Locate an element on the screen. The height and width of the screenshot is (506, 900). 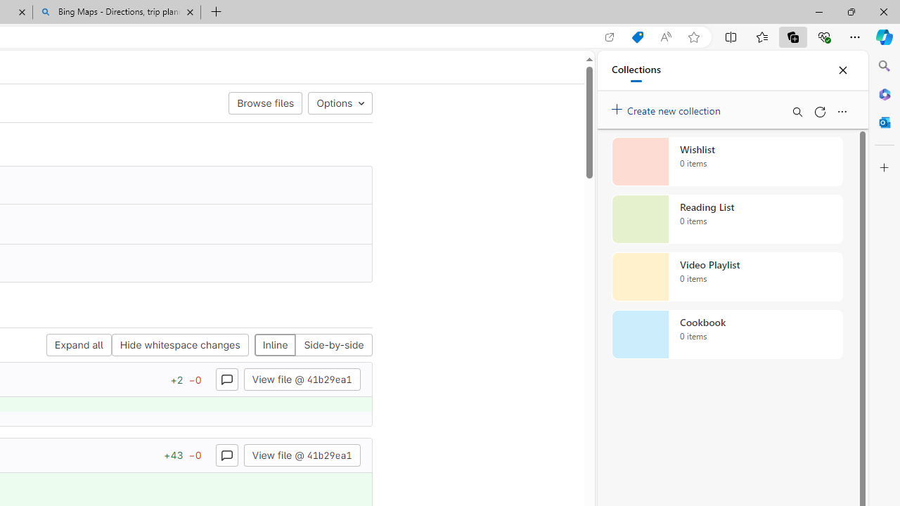
'Open in app' is located at coordinates (610, 37).